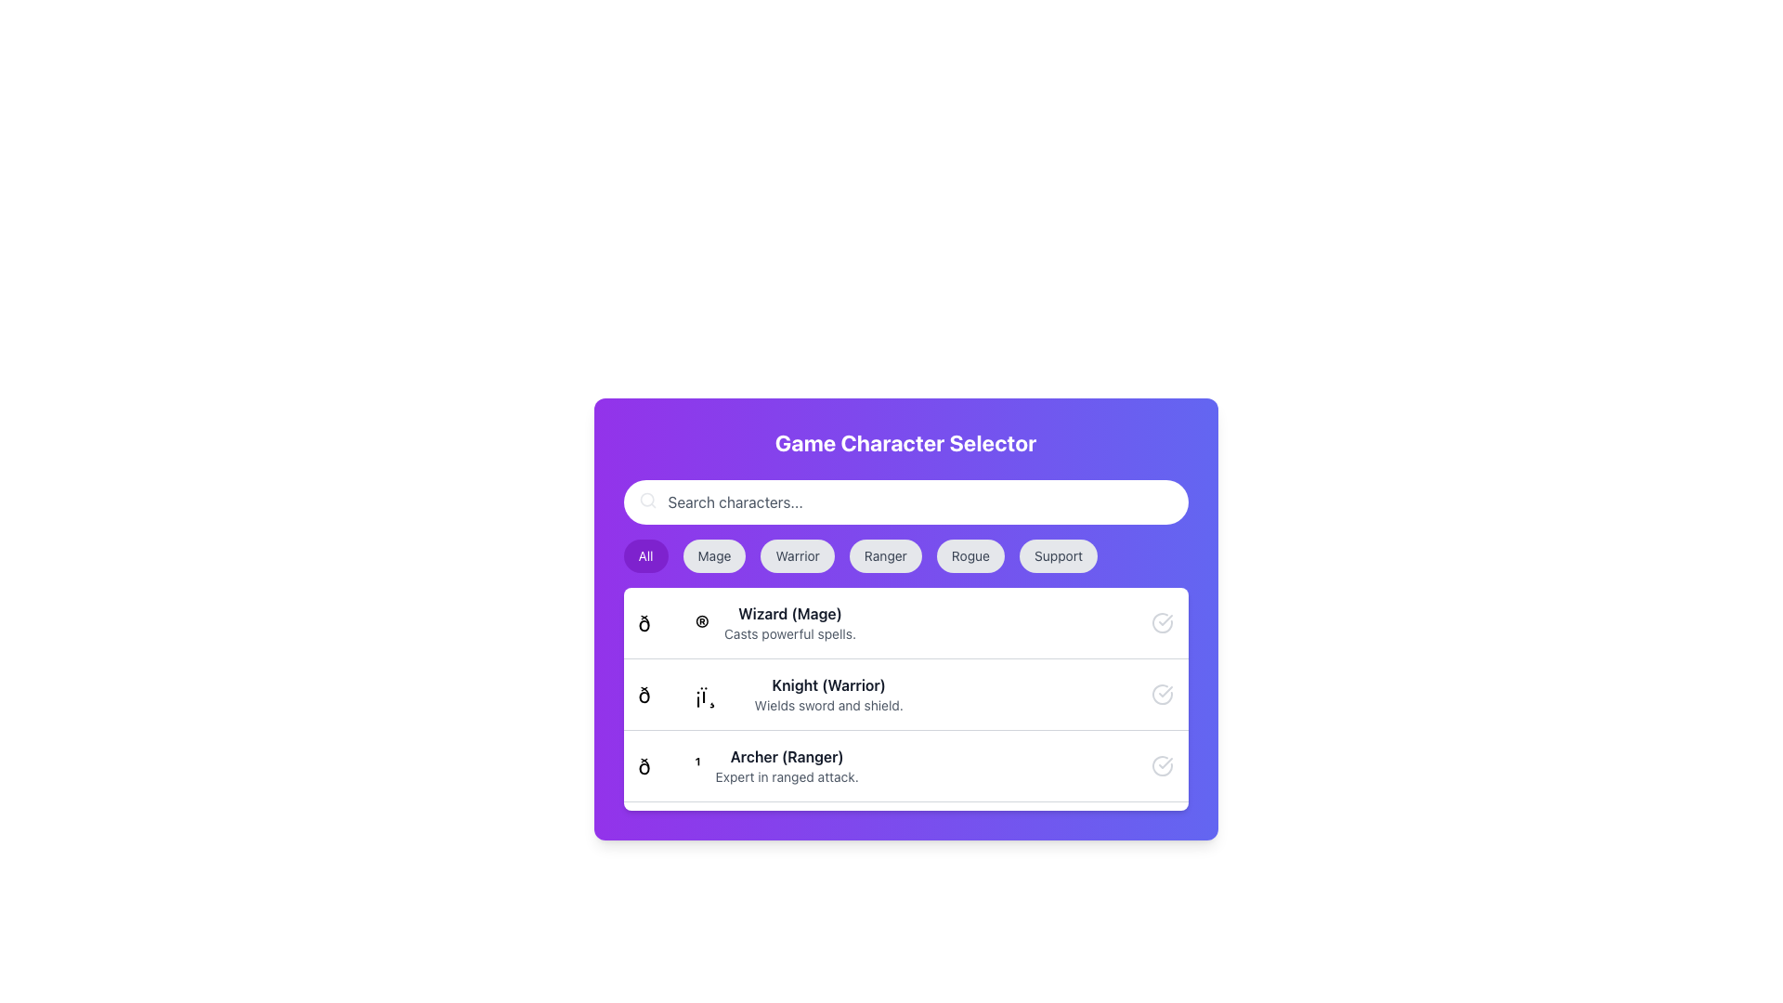  Describe the element at coordinates (789, 623) in the screenshot. I see `descriptive label for the game character named 'Wizard (Mage)', which is located in the upper section of the character list, specifically as the first character entry, positioned to the right of an emoji-like icon` at that location.